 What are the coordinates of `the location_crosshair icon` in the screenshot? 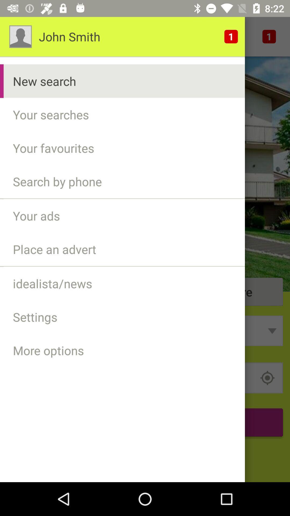 It's located at (267, 378).